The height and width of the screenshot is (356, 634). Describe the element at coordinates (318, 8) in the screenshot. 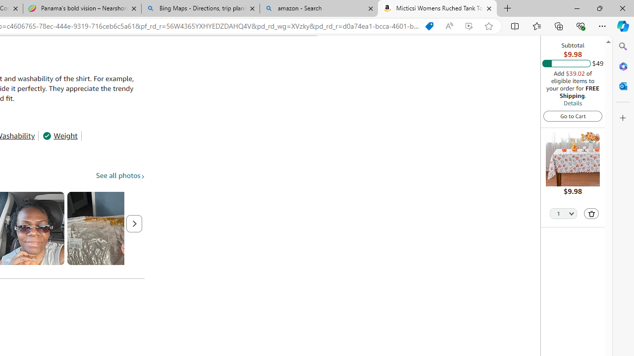

I see `'amazon - Search'` at that location.